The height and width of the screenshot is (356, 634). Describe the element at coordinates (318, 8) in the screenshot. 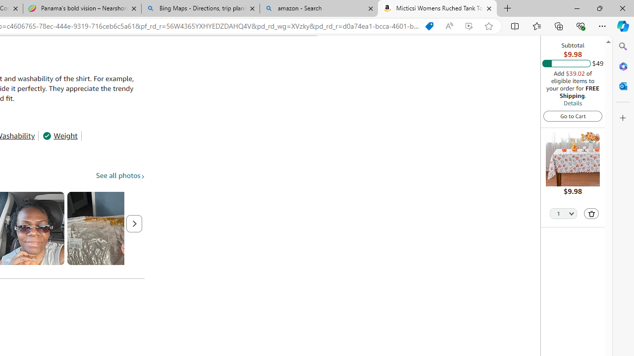

I see `'amazon - Search'` at that location.